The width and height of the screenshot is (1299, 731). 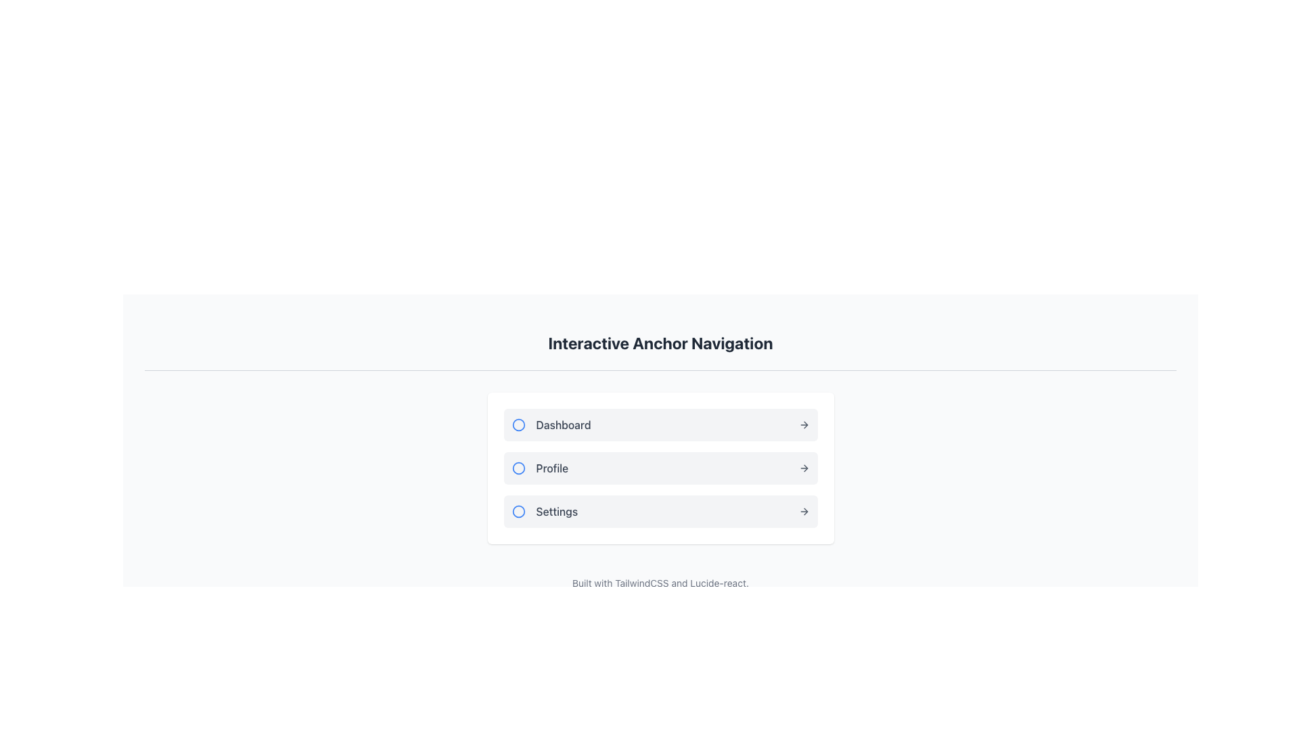 What do you see at coordinates (545, 512) in the screenshot?
I see `the text label that identifies the menu option as 'Settings', located as the third item in the list with a blue circular selection icon to its left and a gray arrow icon to its right` at bounding box center [545, 512].